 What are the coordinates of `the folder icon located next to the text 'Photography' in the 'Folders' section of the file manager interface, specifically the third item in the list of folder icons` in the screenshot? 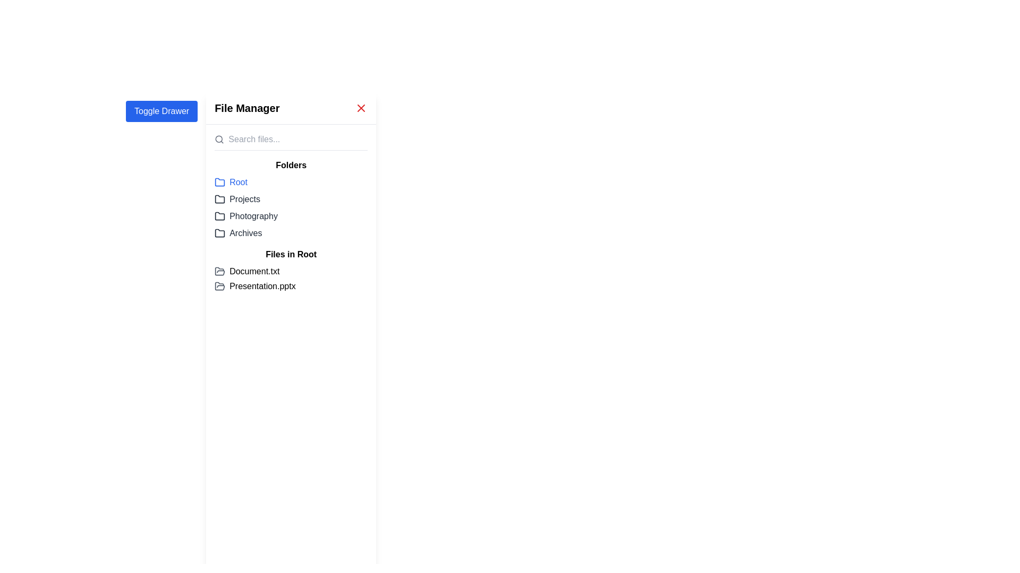 It's located at (219, 215).